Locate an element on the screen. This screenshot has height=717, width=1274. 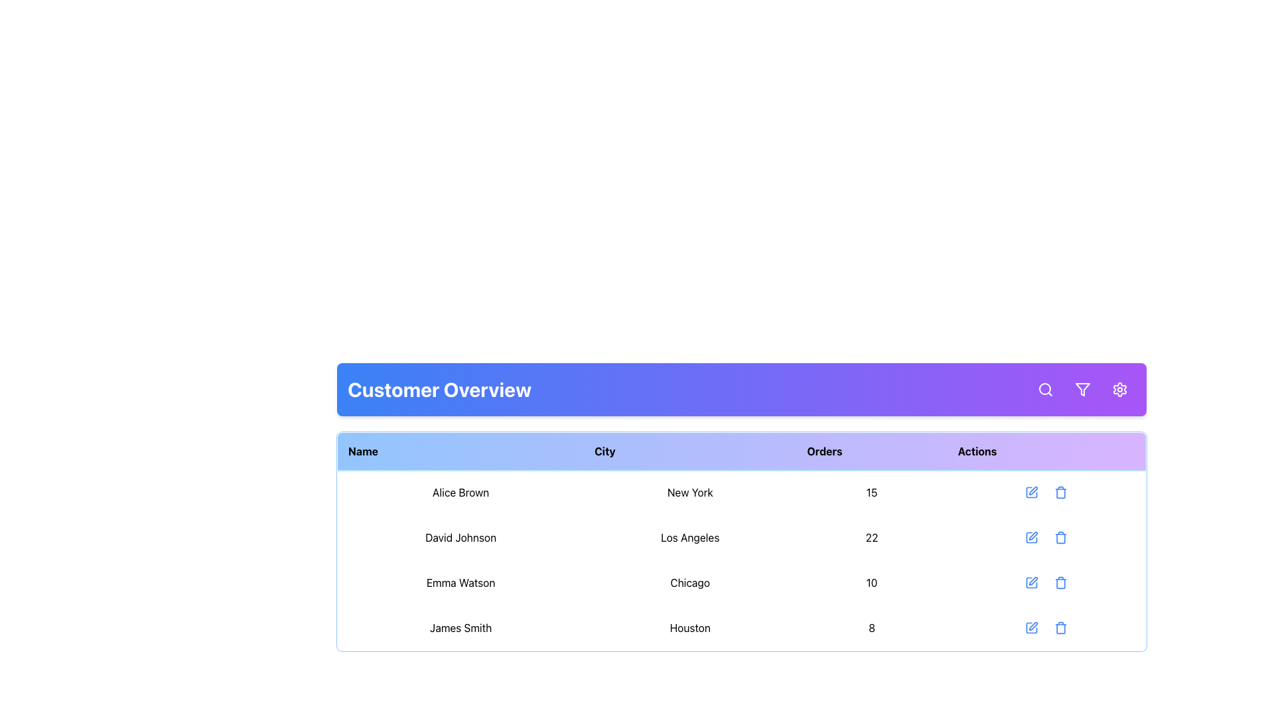
the static text label displaying the city name 'Houston' in the table under the 'City' column for the row associated with 'James Smith' is located at coordinates (690, 627).